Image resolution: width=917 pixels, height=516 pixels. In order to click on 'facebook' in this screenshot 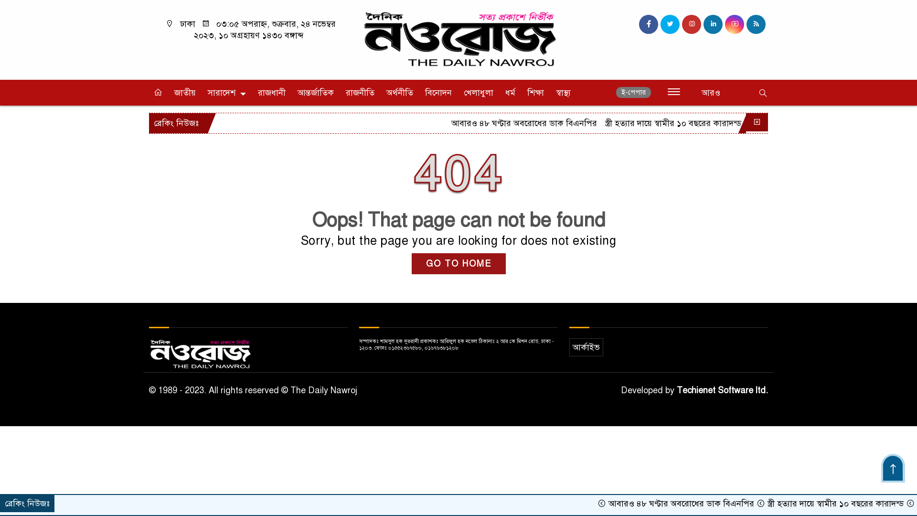, I will do `click(649, 23)`.